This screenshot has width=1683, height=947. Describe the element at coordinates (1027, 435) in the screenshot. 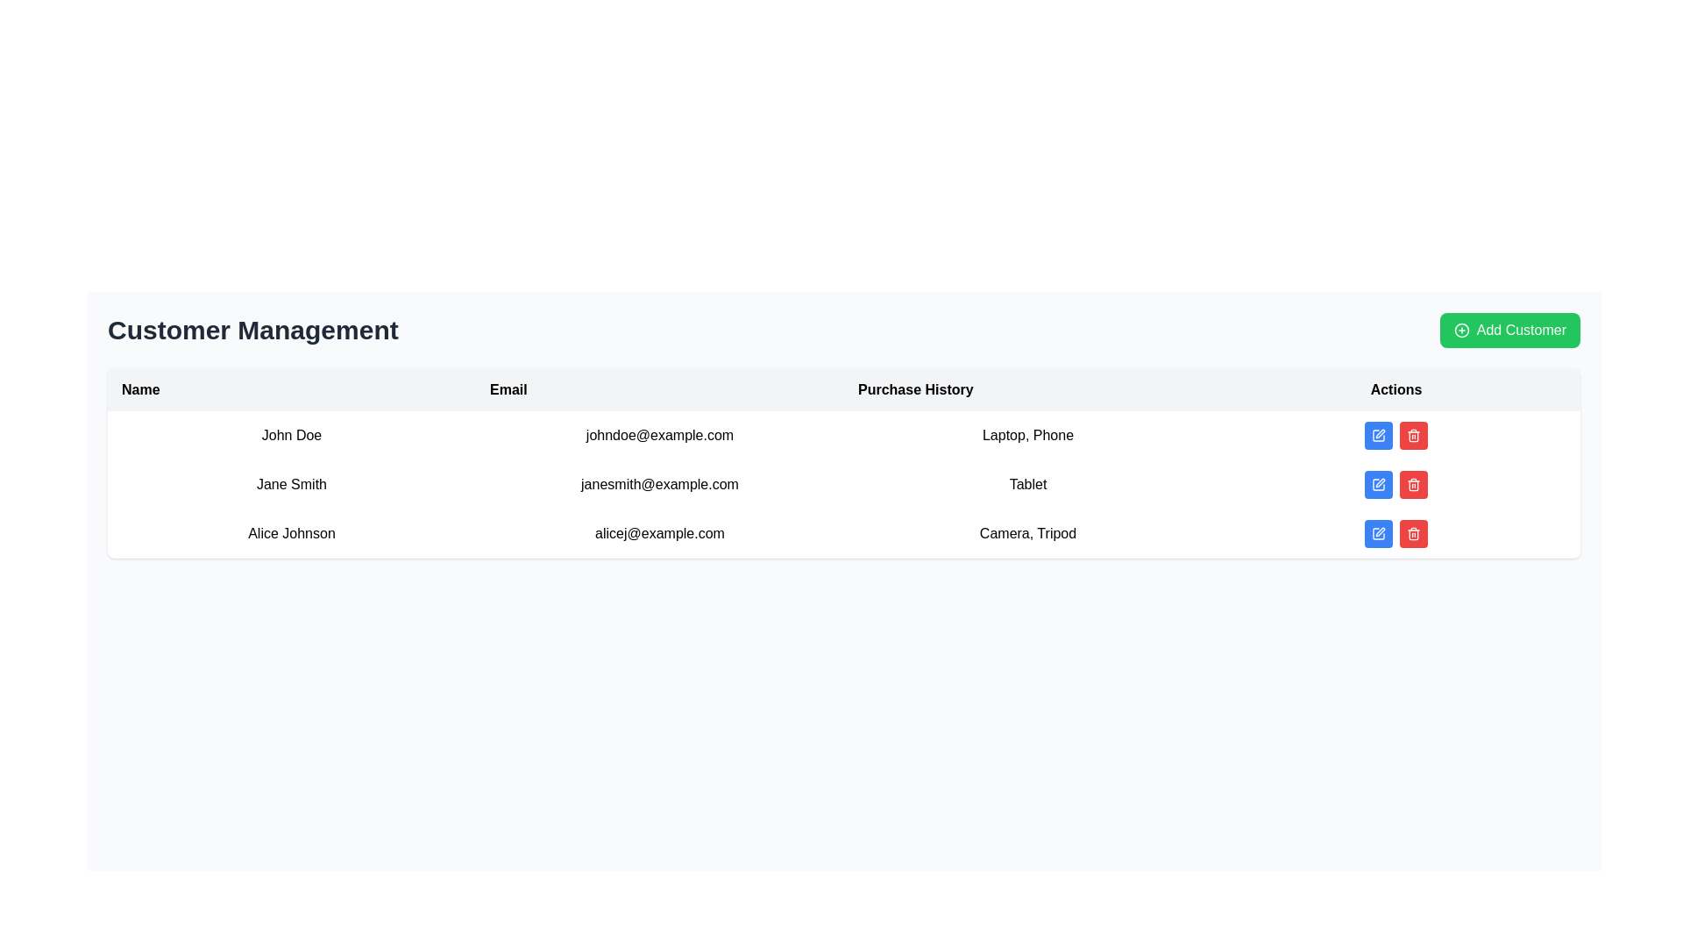

I see `the Text display in the third column of the first row under the 'Purchase History' section, which shows the purchased items for John Doe, adjacent to 'johndoe@example.com'` at that location.